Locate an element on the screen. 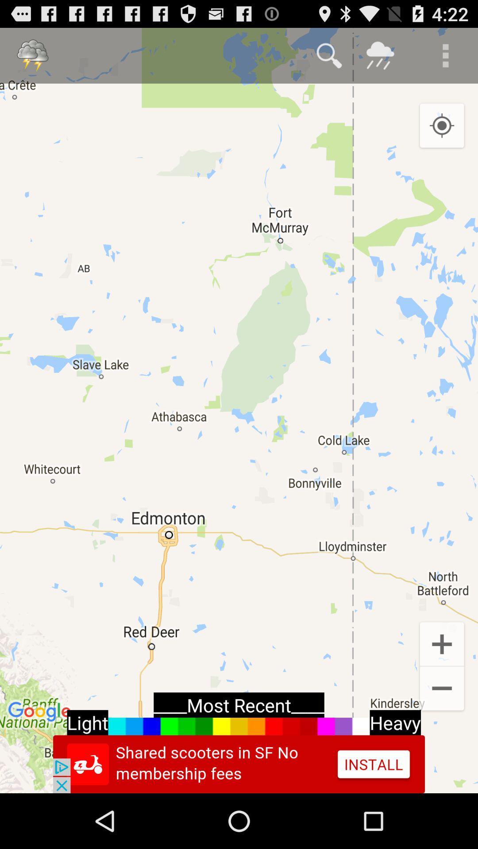 The height and width of the screenshot is (849, 478). search is located at coordinates (329, 55).